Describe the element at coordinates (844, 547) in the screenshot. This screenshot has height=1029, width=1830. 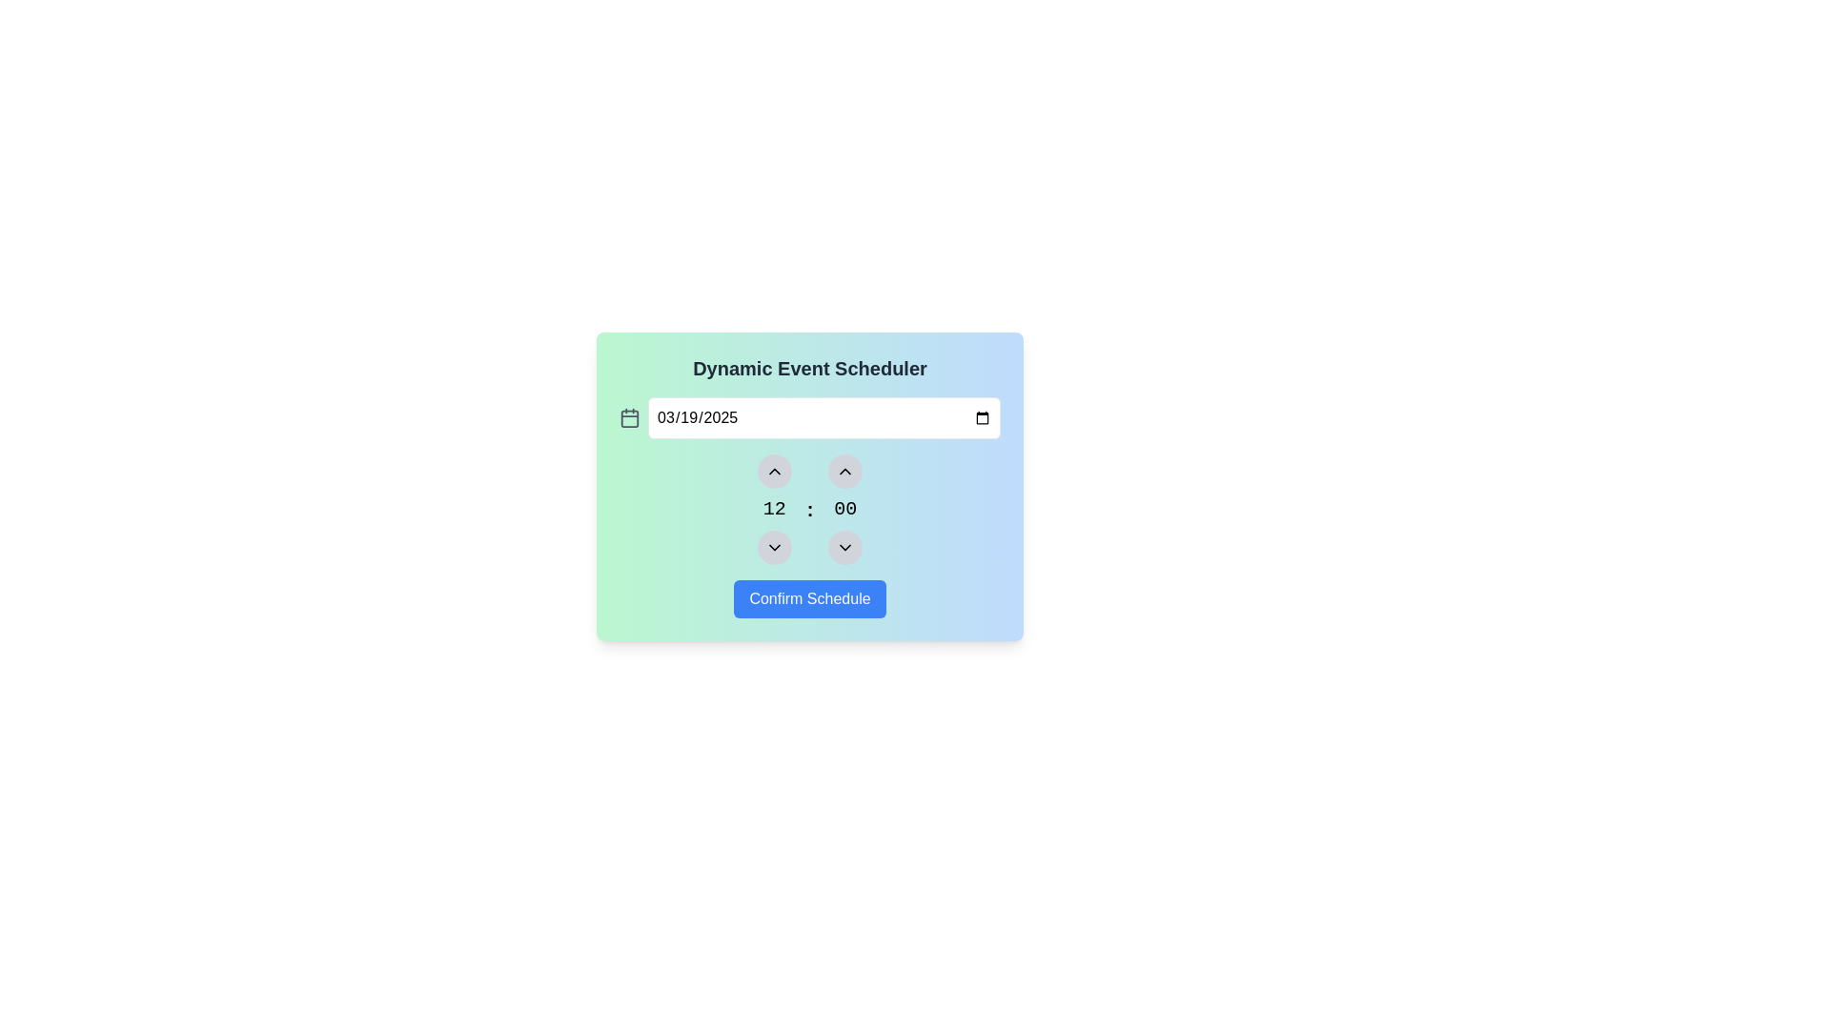
I see `the downwards arrow button intended for decrementing the value of the numeric time display ('00') above it` at that location.